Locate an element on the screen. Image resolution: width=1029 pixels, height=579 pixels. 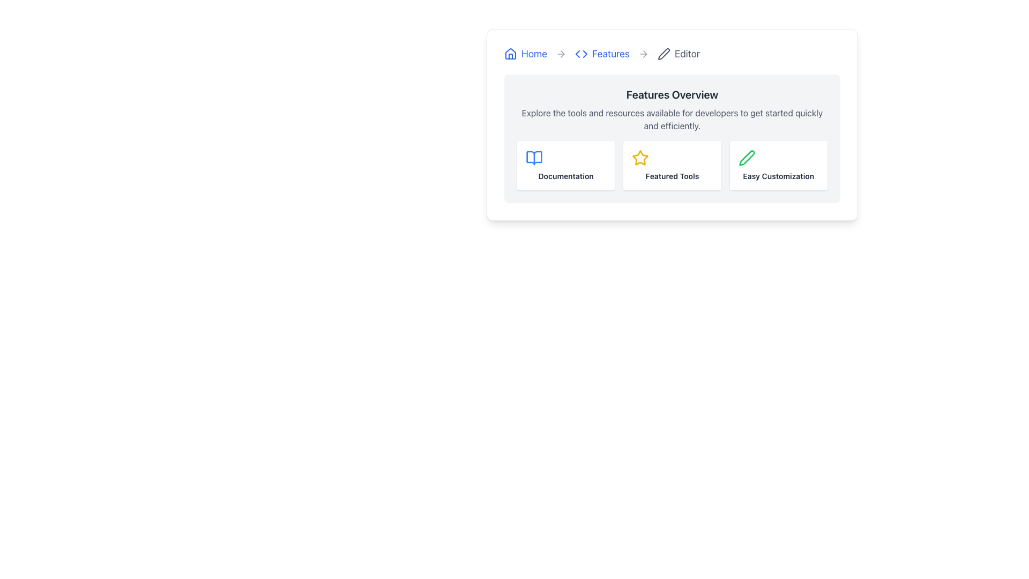
the 'Home' link in the breadcrumb navigation bar is located at coordinates (525, 54).